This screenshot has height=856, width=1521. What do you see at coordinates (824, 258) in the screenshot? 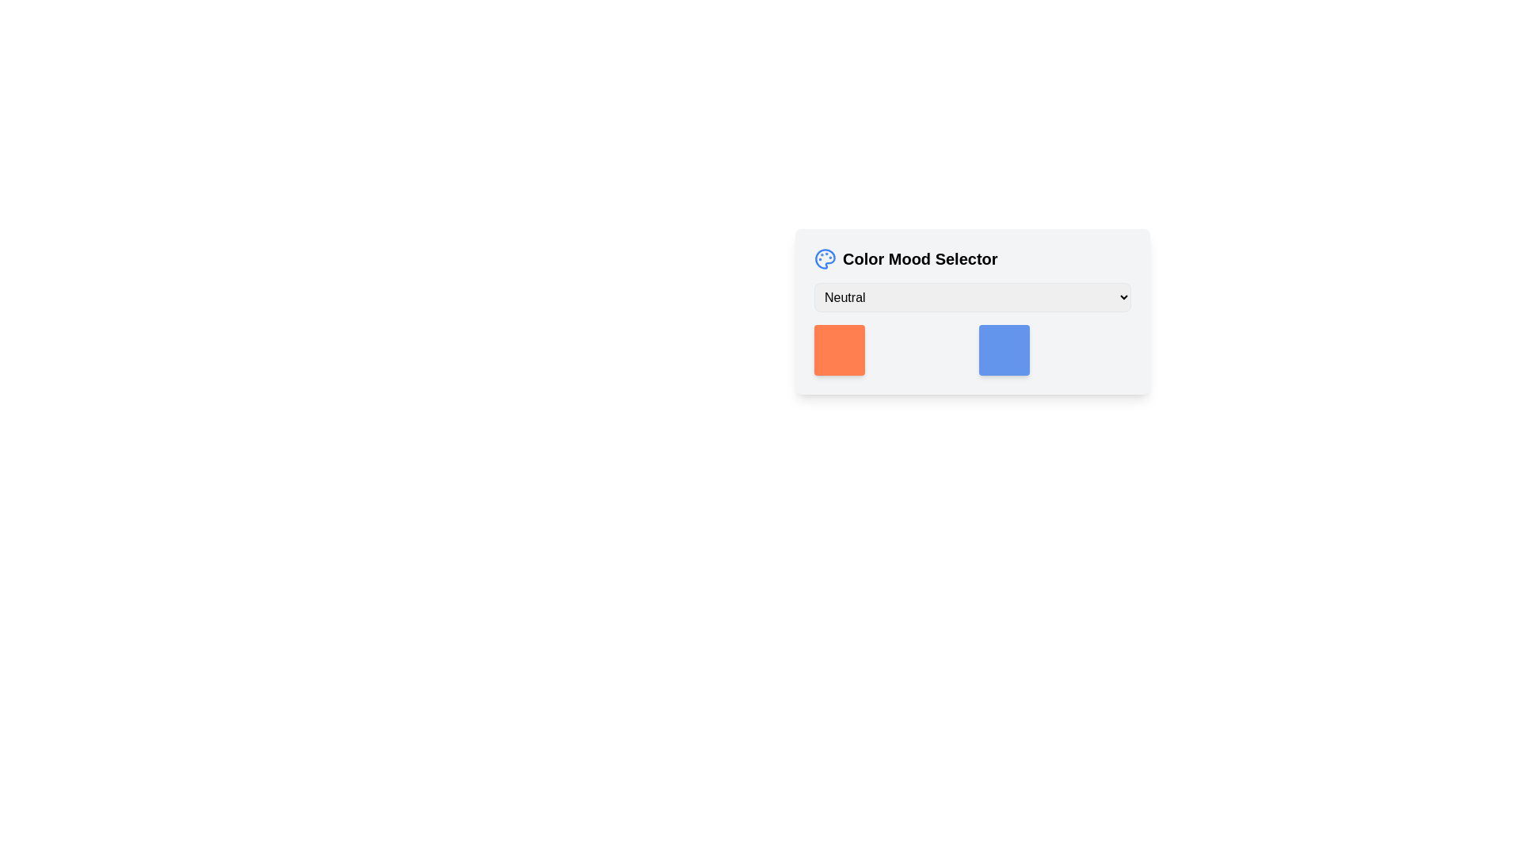
I see `the base of the palette icon within the 'Color Mood Selector' menu, which is styled with a muted color and simple geometric design` at bounding box center [824, 258].